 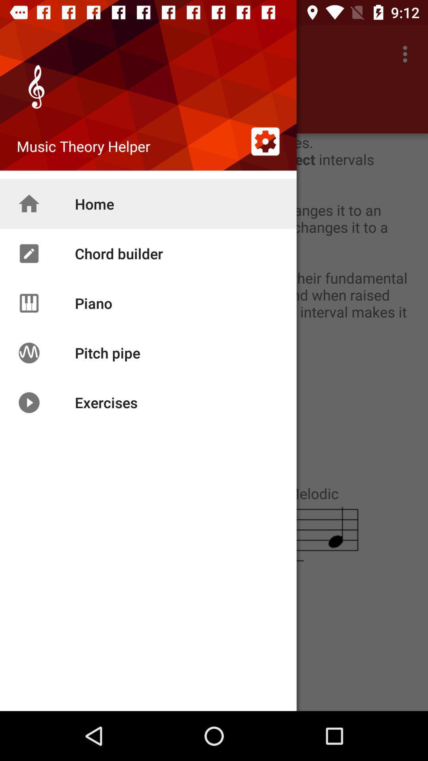 I want to click on the icon present to the left of exercises, so click(x=29, y=402).